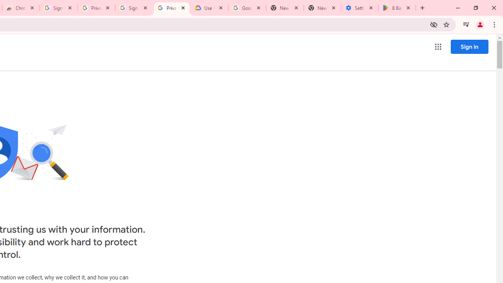 The width and height of the screenshot is (503, 283). What do you see at coordinates (322, 8) in the screenshot?
I see `'New Tab'` at bounding box center [322, 8].